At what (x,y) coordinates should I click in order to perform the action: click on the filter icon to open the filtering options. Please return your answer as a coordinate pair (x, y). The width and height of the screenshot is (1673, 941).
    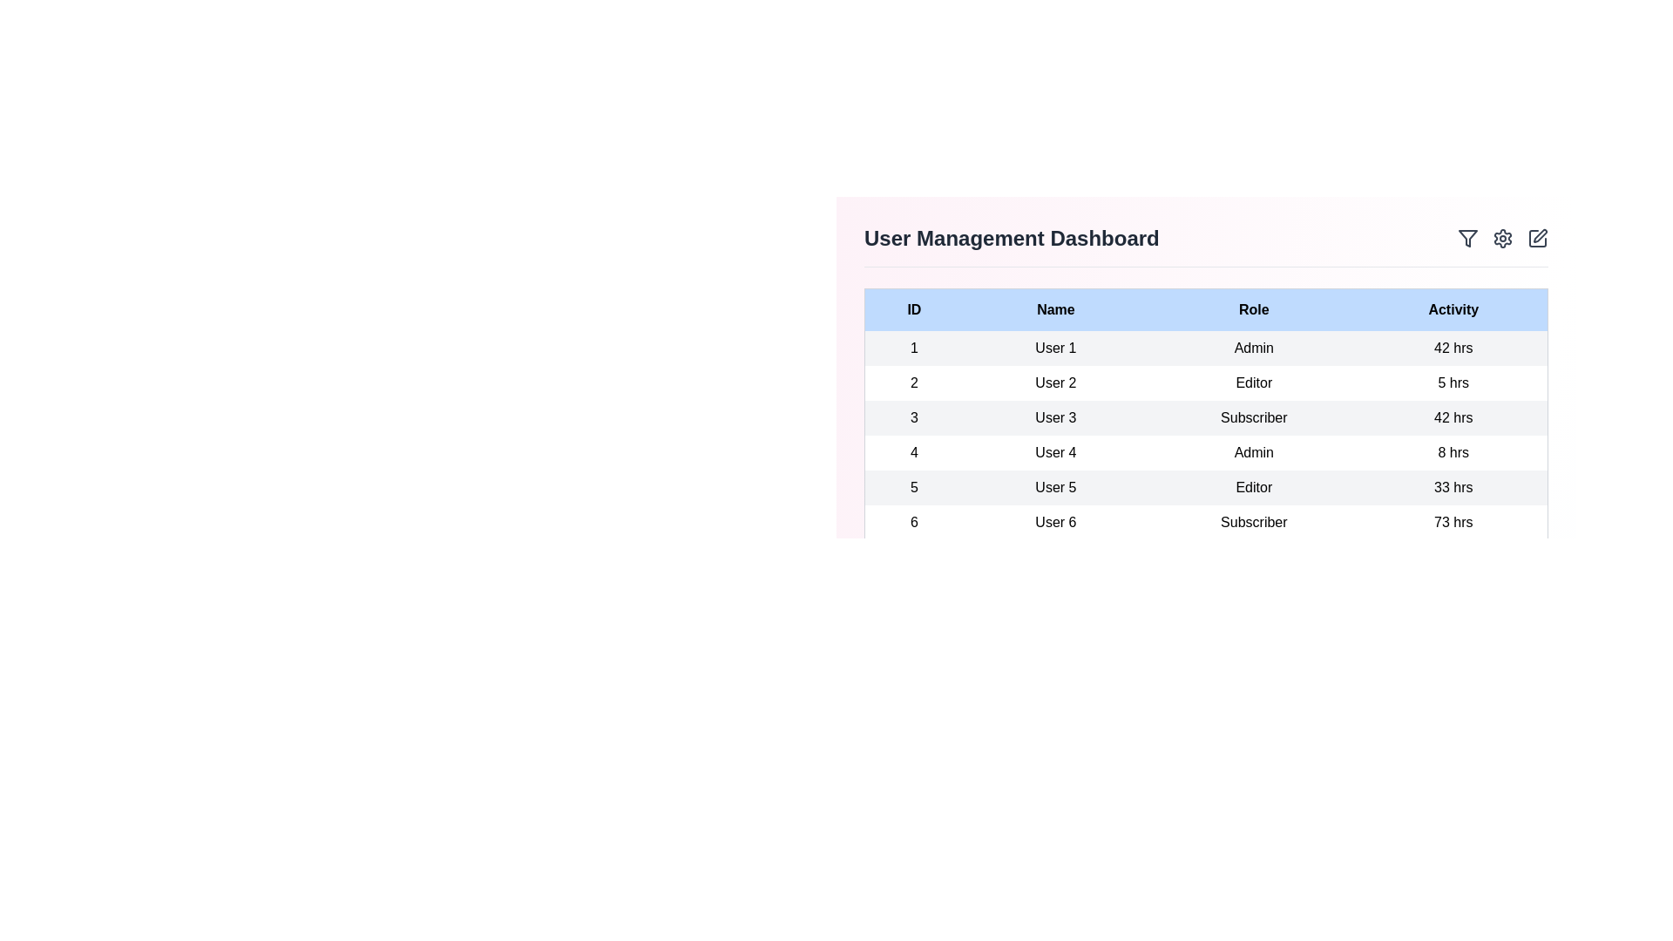
    Looking at the image, I should click on (1466, 238).